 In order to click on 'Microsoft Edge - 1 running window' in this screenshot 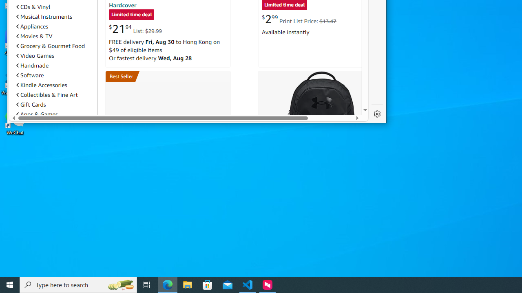, I will do `click(167, 284)`.